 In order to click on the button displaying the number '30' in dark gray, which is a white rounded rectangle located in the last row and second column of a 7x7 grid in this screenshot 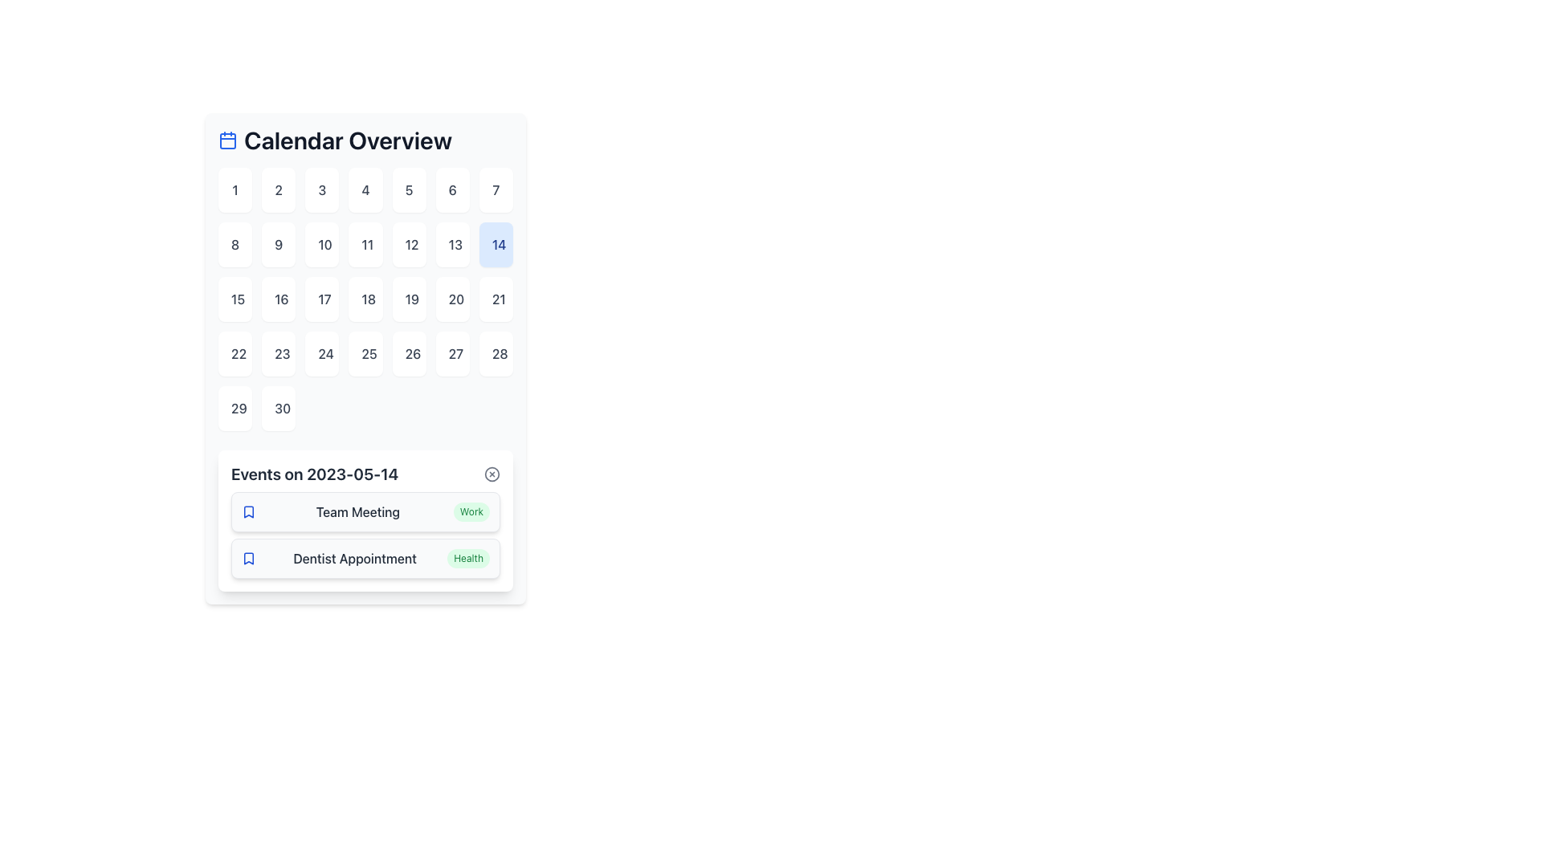, I will do `click(279, 408)`.